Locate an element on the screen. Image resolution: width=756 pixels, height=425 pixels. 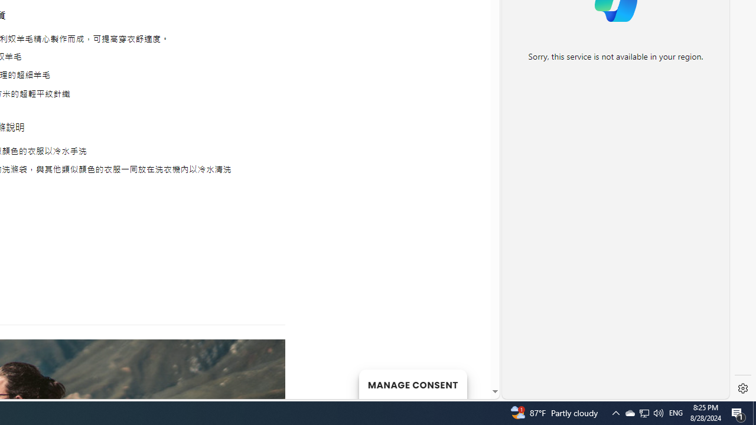
'MANAGE CONSENT' is located at coordinates (412, 384).